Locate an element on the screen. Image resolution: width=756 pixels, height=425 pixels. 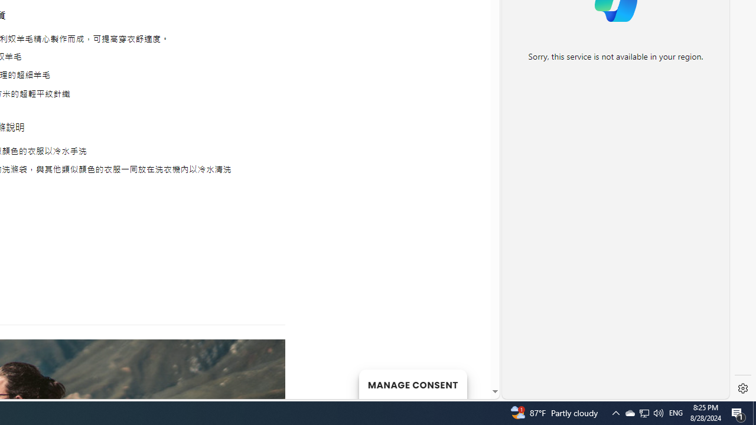
'MANAGE CONSENT' is located at coordinates (412, 384).